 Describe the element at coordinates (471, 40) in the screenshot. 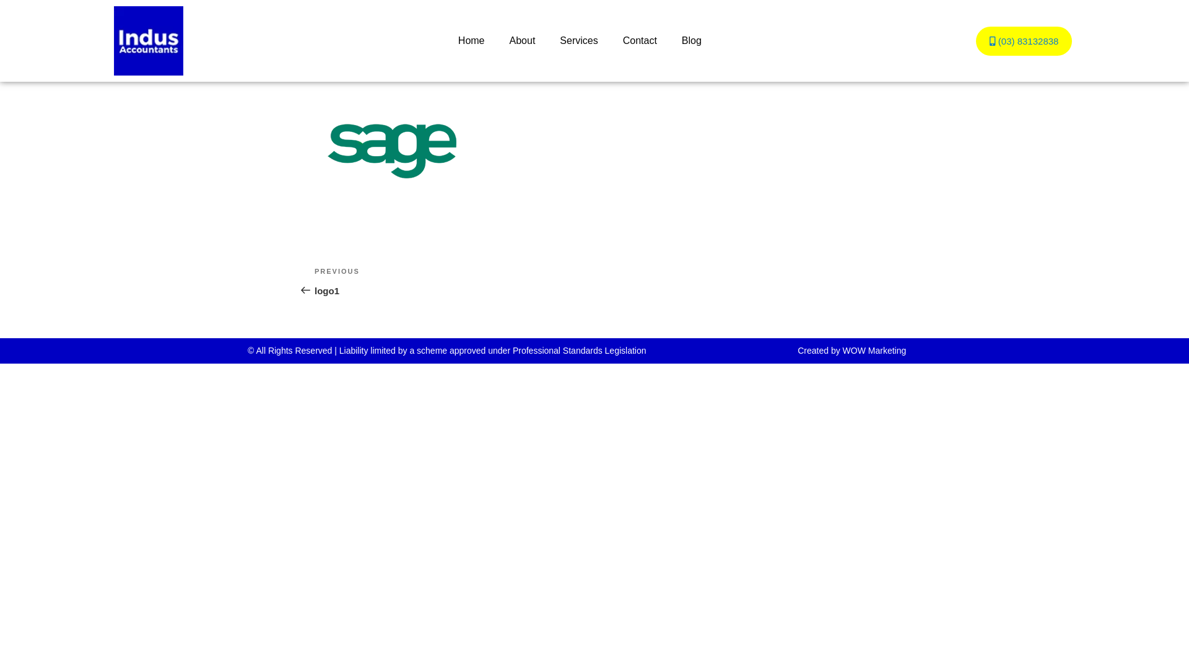

I see `'Home'` at that location.